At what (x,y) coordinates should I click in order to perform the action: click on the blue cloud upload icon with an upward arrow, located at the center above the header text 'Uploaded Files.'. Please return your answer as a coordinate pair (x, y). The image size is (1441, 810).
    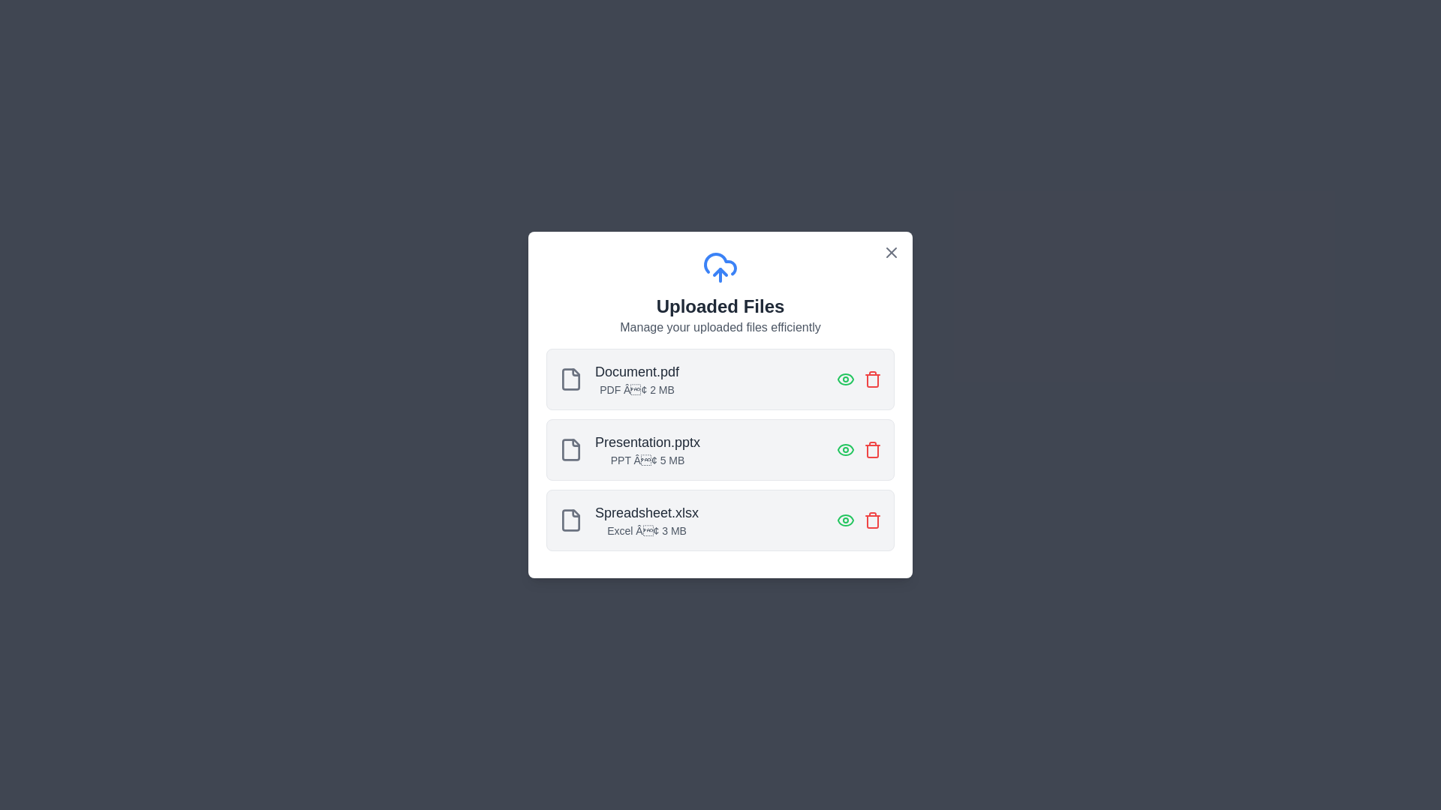
    Looking at the image, I should click on (720, 267).